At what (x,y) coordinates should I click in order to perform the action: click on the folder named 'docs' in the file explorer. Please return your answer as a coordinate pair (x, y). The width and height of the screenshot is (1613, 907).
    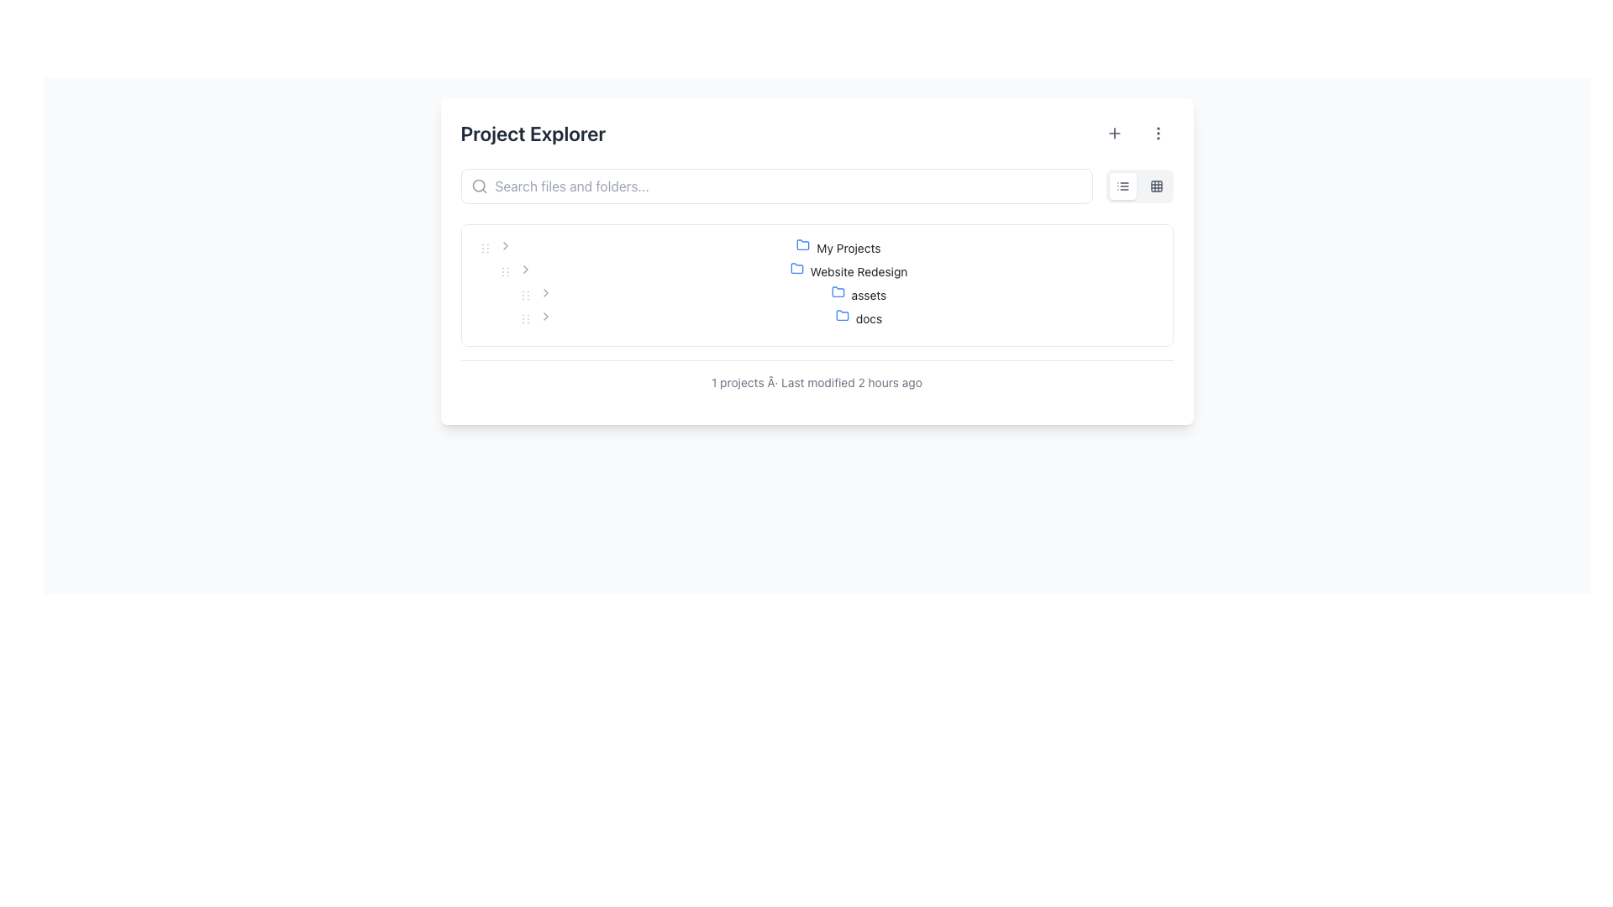
    Looking at the image, I should click on (859, 319).